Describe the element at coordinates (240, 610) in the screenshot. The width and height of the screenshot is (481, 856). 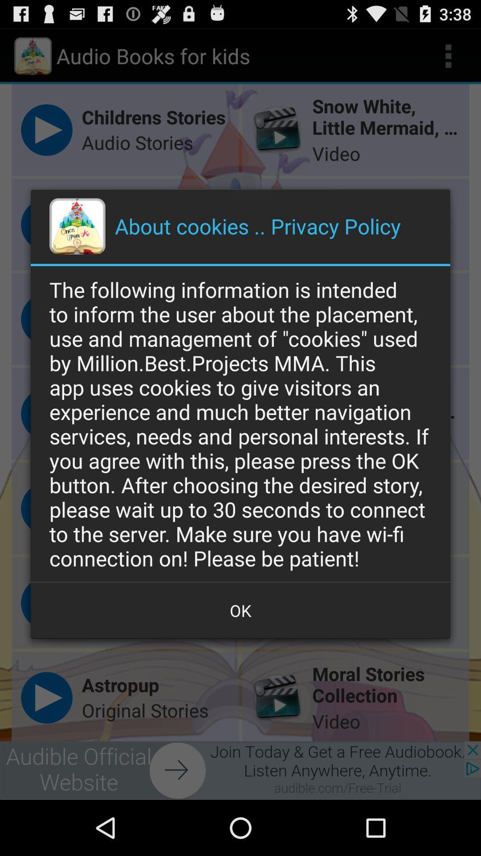
I see `icon below the following information icon` at that location.